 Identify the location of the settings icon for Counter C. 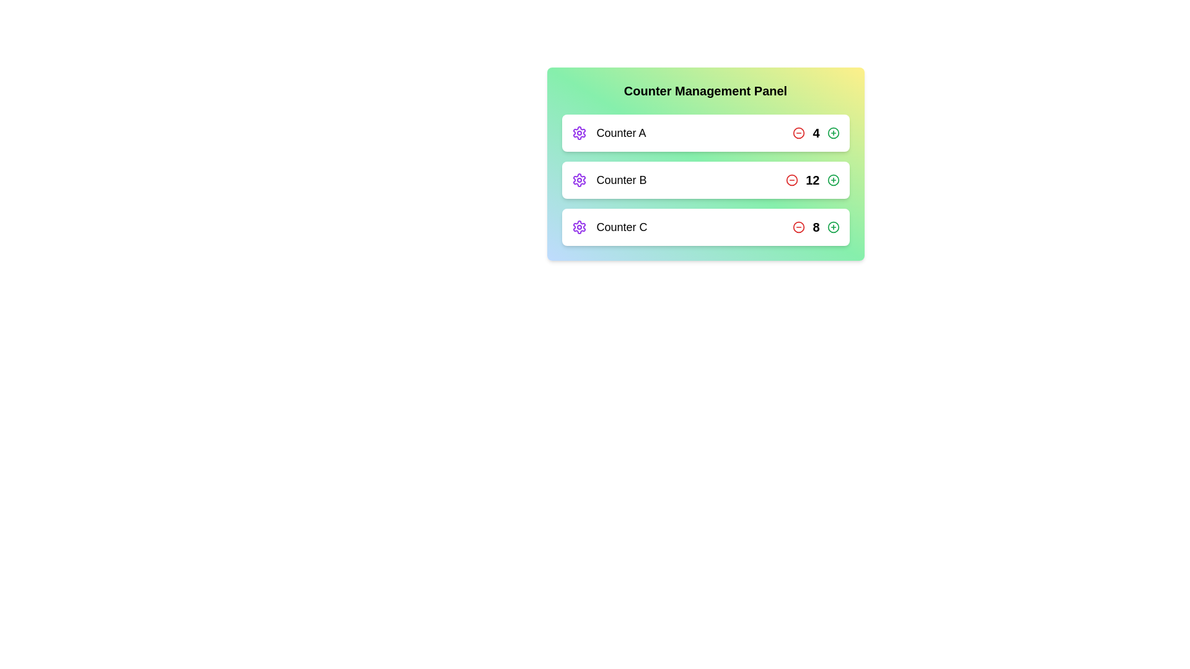
(578, 227).